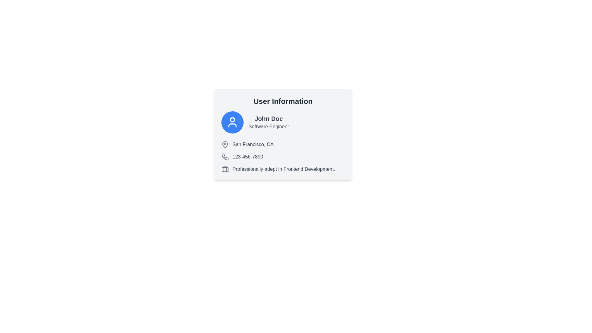 This screenshot has width=592, height=333. Describe the element at coordinates (282, 169) in the screenshot. I see `the text label 'Professionally adept in Frontend Development' next to the briefcase icon` at that location.